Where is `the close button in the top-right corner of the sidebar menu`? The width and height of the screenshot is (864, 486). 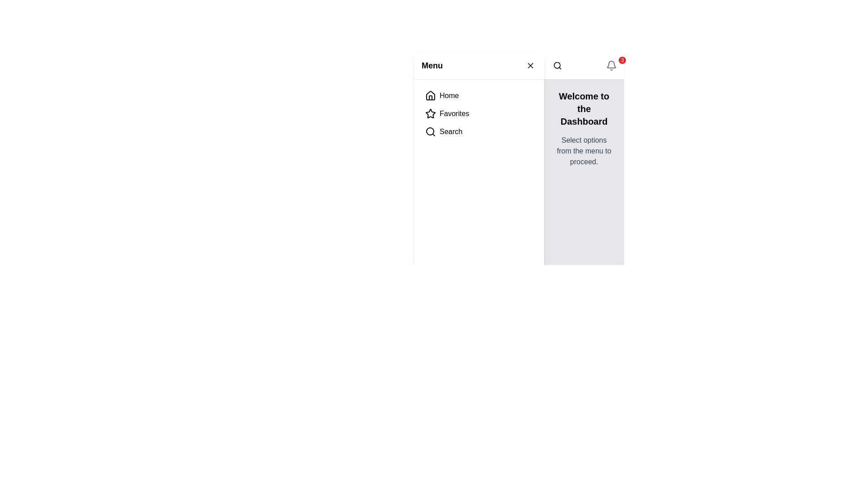 the close button in the top-right corner of the sidebar menu is located at coordinates (531, 65).